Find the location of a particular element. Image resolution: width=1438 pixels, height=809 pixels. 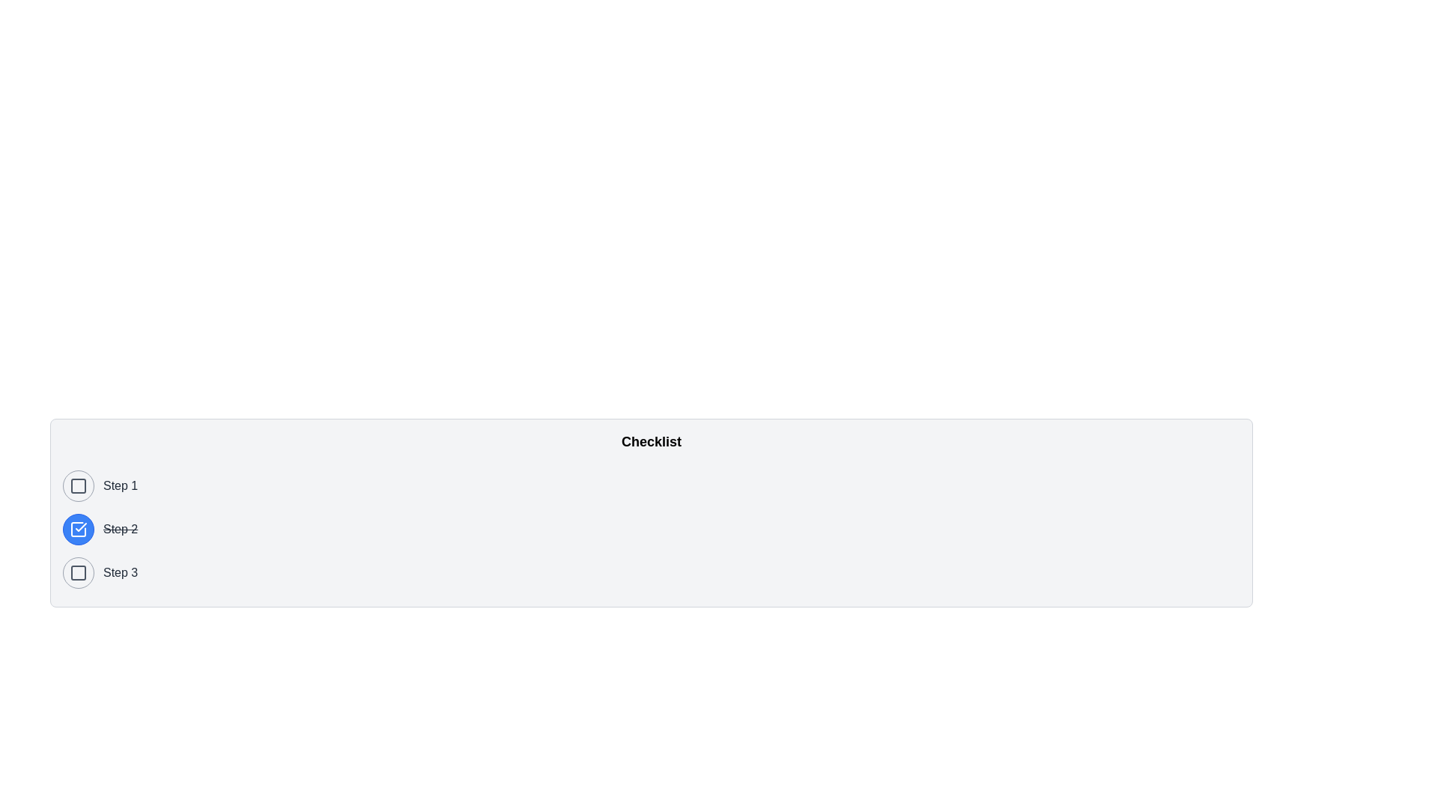

the inner square of the checkbox UI component located next to the text 'Step 1' in the checklist is located at coordinates (78, 485).